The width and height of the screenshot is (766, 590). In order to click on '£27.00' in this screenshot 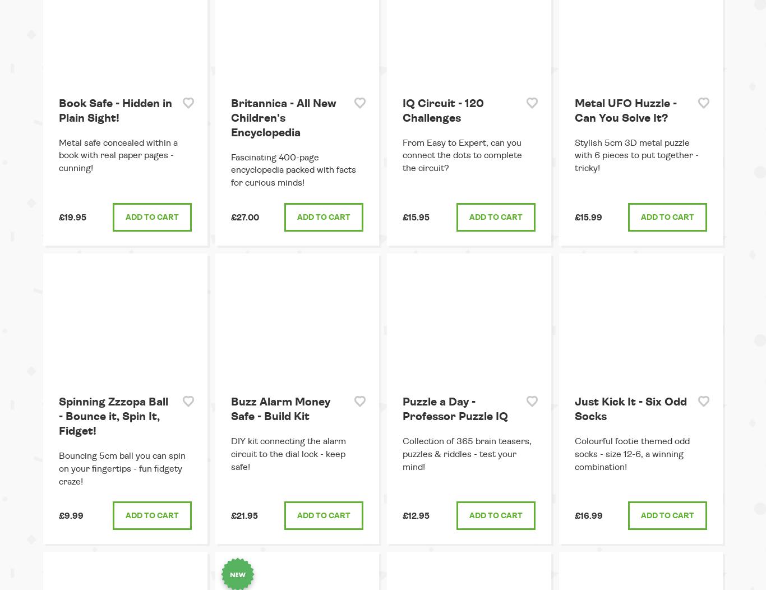, I will do `click(244, 218)`.